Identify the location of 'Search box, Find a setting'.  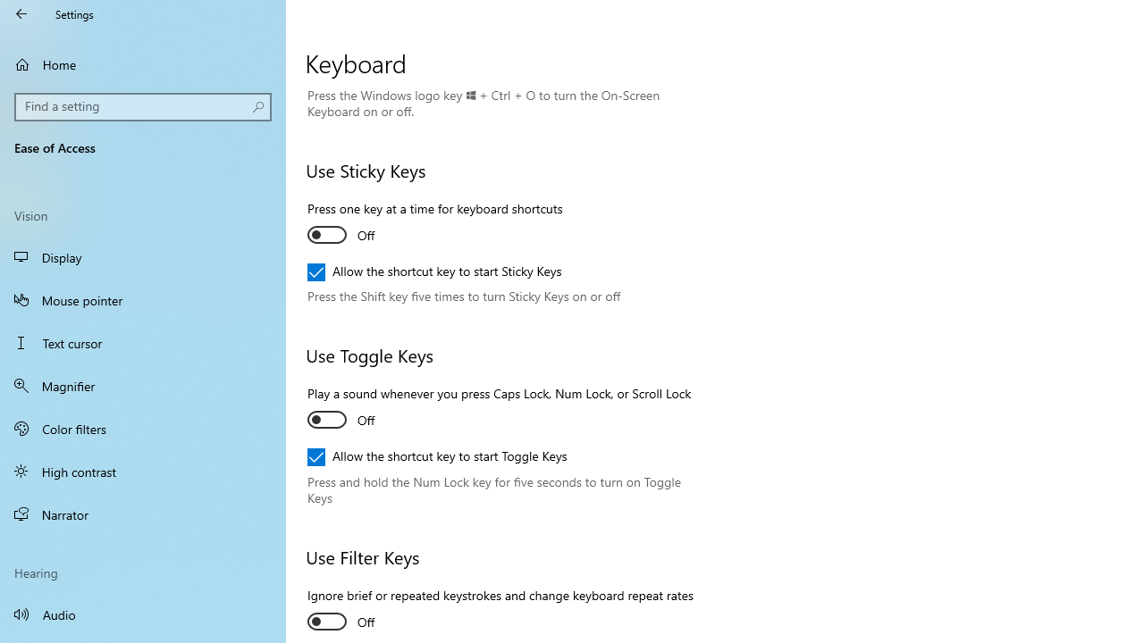
(143, 106).